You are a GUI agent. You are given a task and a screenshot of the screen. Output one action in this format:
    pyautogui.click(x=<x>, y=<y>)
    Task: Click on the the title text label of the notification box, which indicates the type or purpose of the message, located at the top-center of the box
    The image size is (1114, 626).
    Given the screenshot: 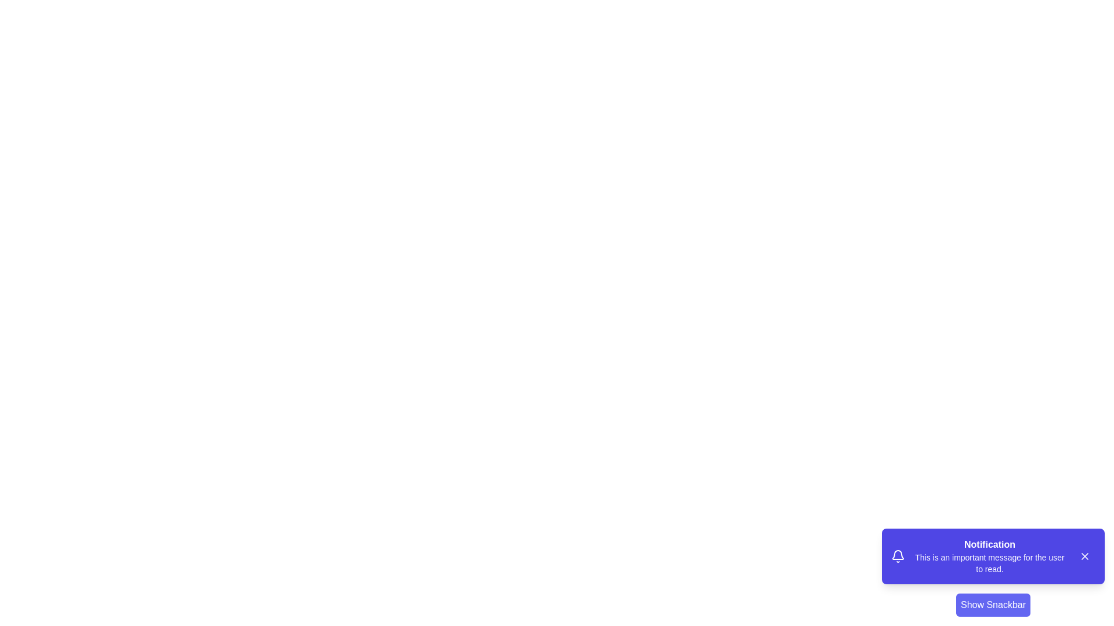 What is the action you would take?
    pyautogui.click(x=989, y=545)
    